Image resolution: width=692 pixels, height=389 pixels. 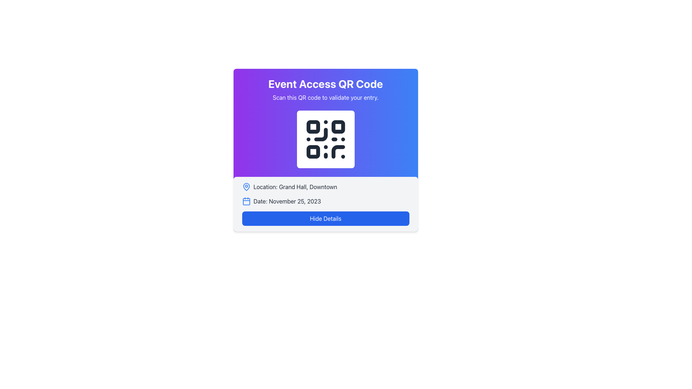 I want to click on the small square component with a black outline and a white background located in the top-right corner of the central symbol group of the QR code, which is positioned below the text 'Event Access QR Code.', so click(x=338, y=126).